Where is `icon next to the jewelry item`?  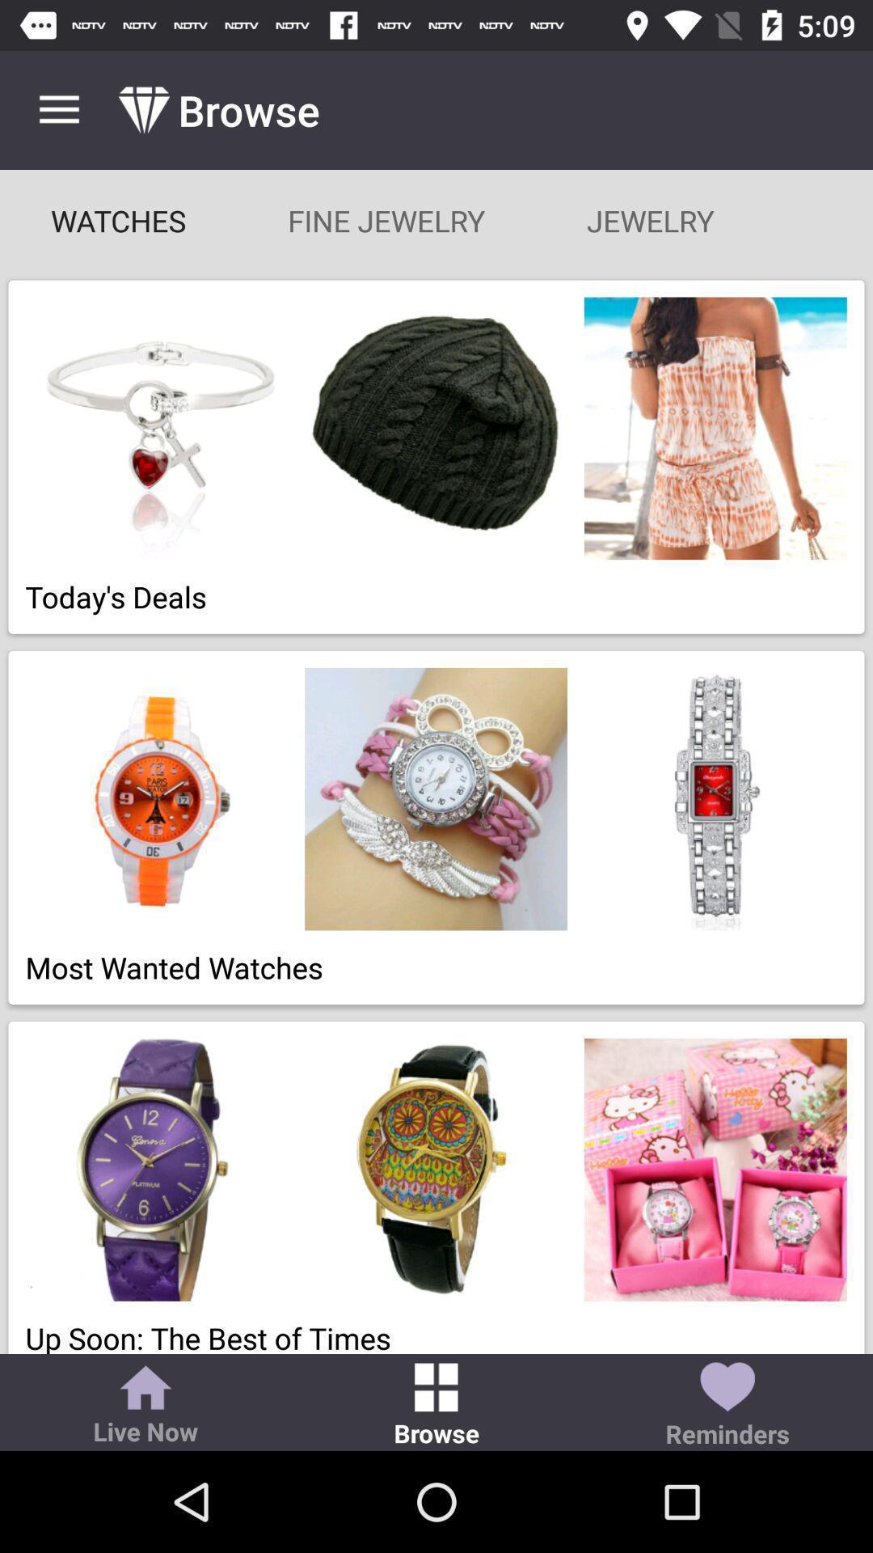
icon next to the jewelry item is located at coordinates (386, 220).